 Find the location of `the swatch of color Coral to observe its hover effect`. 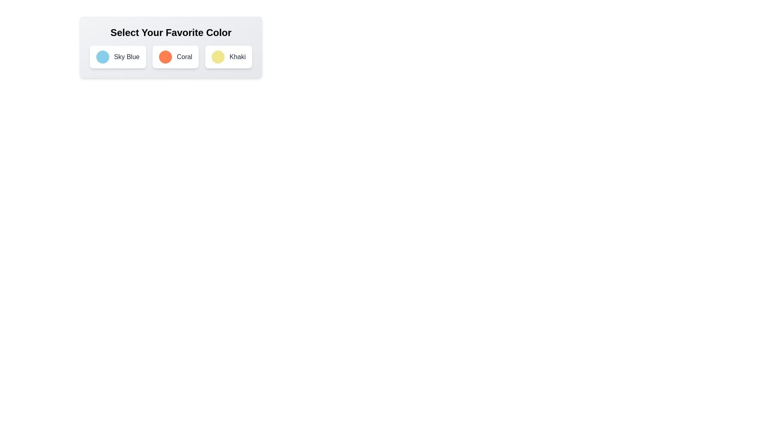

the swatch of color Coral to observe its hover effect is located at coordinates (165, 57).